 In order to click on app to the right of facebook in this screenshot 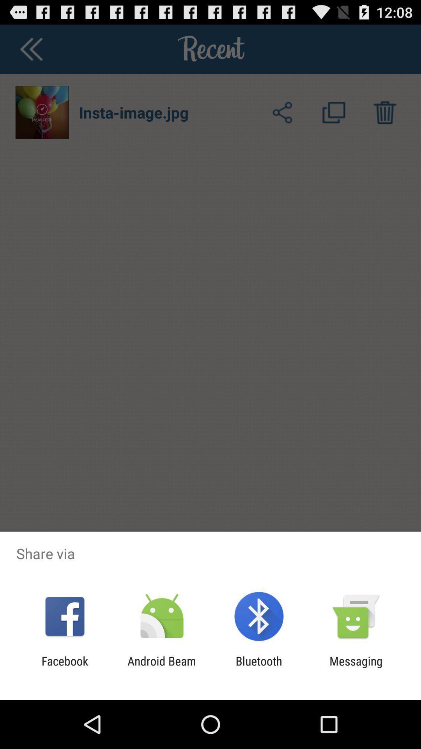, I will do `click(161, 667)`.